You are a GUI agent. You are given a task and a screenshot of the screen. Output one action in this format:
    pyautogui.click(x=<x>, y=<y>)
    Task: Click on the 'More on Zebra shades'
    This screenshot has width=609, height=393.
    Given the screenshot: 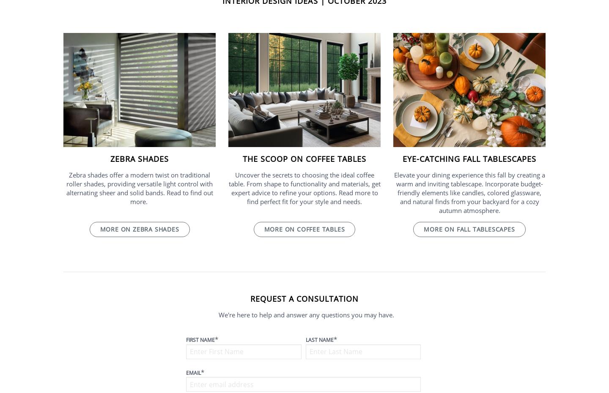 What is the action you would take?
    pyautogui.click(x=139, y=229)
    